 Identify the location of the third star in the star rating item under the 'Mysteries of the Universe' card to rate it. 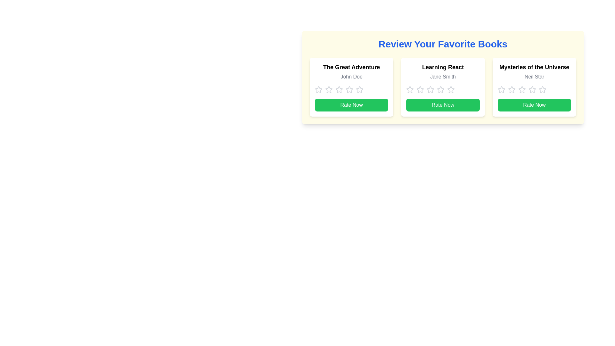
(522, 90).